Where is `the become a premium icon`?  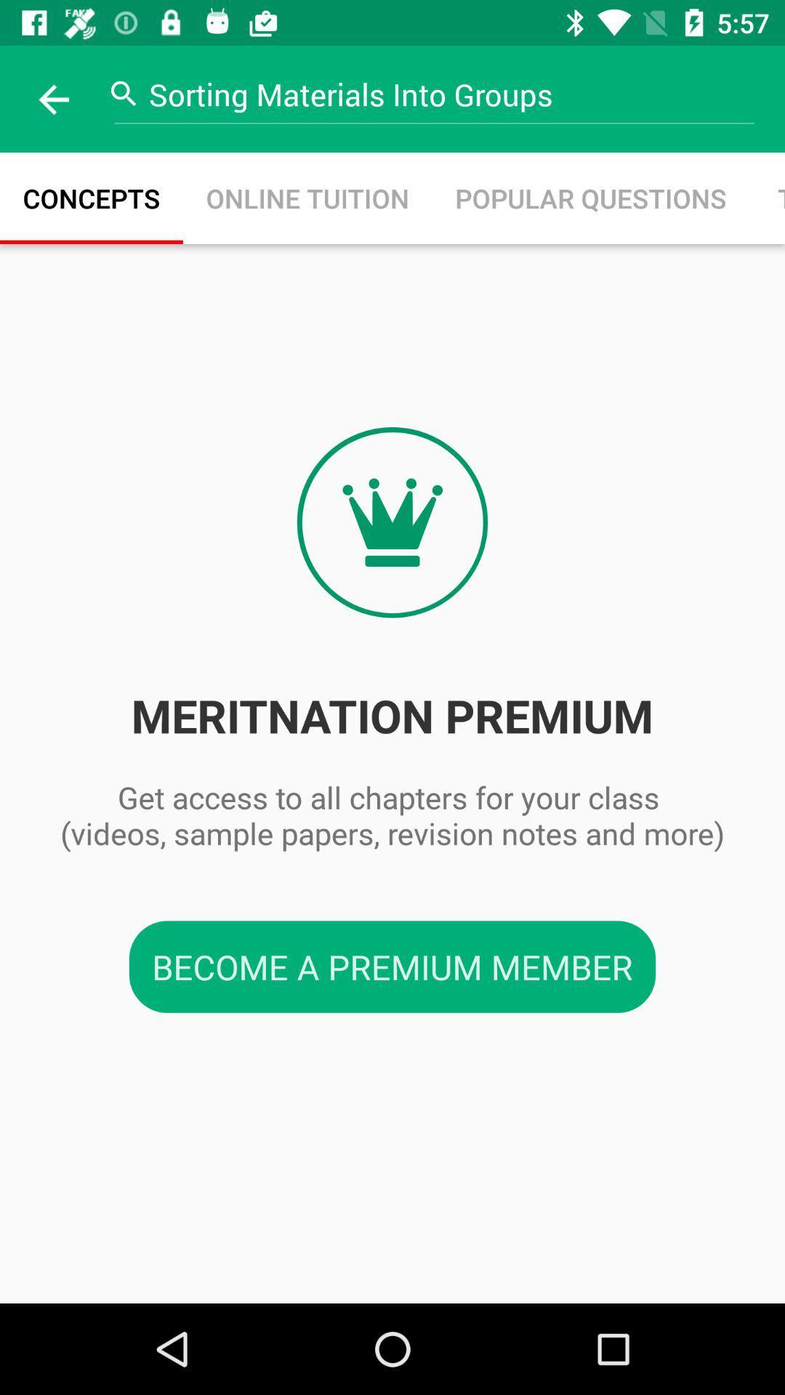
the become a premium icon is located at coordinates (392, 966).